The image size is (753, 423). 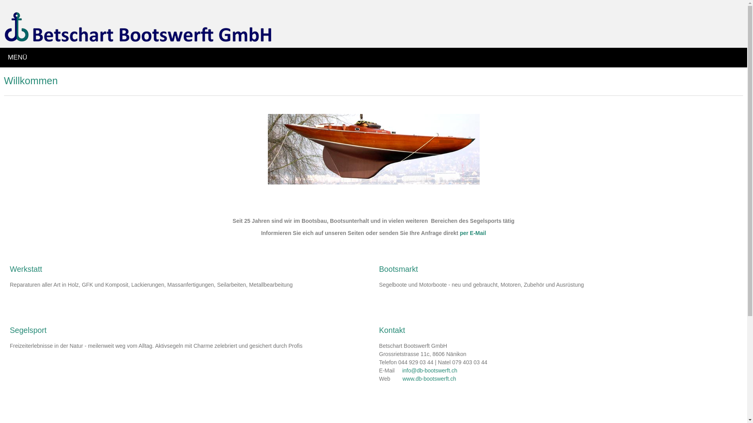 I want to click on '61sta.jpg', so click(x=373, y=149).